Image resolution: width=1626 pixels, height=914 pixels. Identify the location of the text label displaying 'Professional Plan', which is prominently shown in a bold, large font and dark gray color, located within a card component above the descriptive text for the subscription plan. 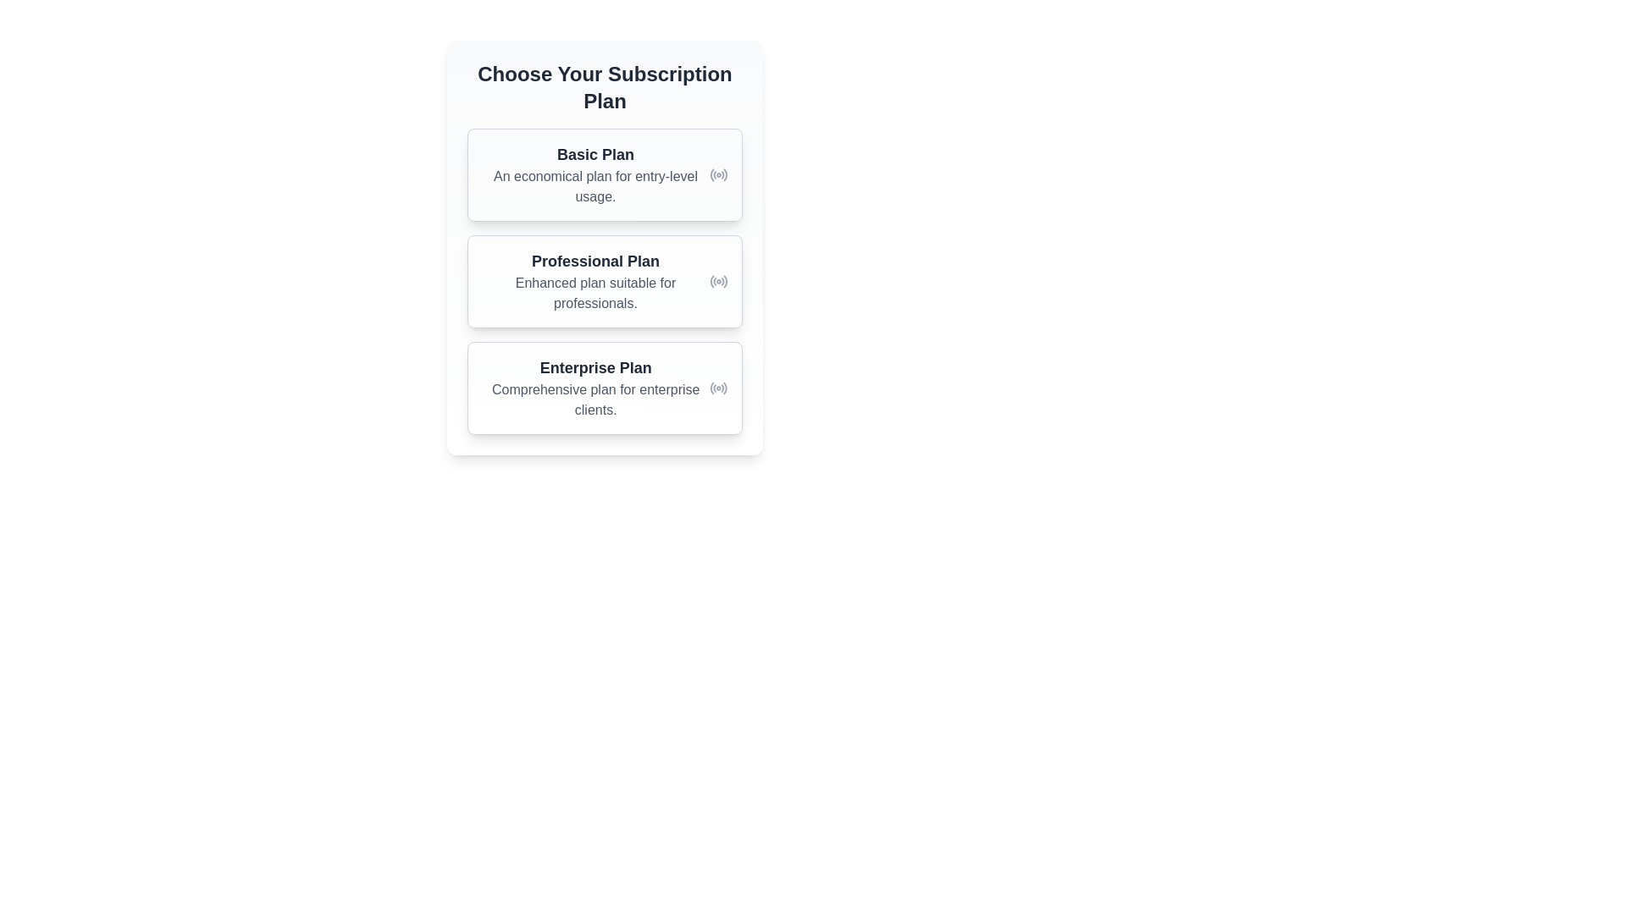
(595, 261).